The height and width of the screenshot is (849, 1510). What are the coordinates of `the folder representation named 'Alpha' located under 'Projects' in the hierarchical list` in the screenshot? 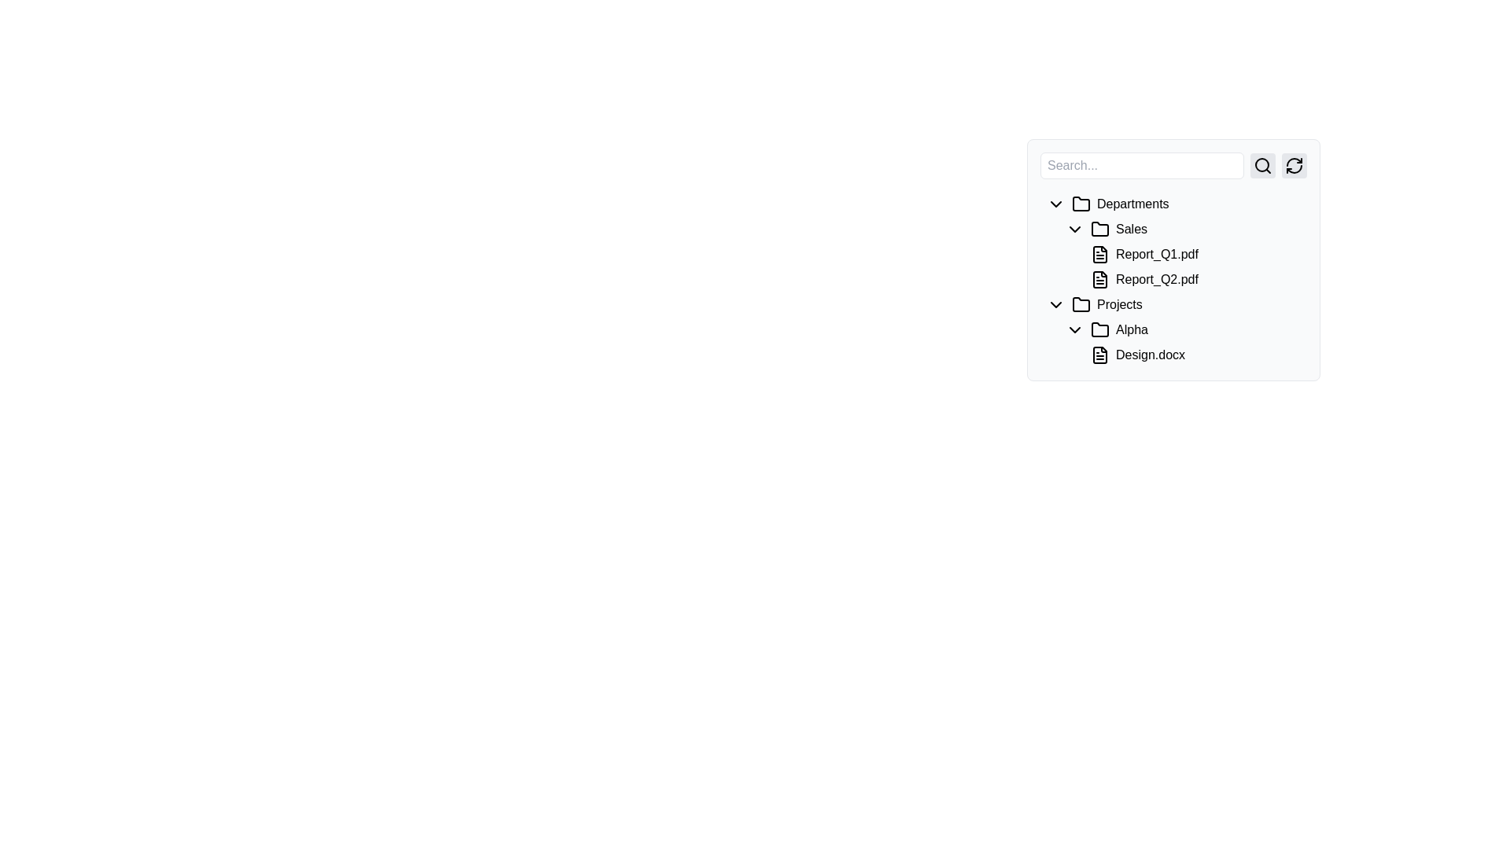 It's located at (1173, 323).